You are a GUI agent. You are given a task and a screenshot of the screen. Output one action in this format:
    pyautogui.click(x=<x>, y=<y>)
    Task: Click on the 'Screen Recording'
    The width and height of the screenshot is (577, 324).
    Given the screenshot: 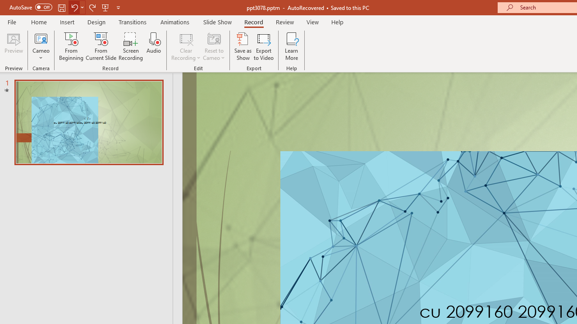 What is the action you would take?
    pyautogui.click(x=130, y=46)
    